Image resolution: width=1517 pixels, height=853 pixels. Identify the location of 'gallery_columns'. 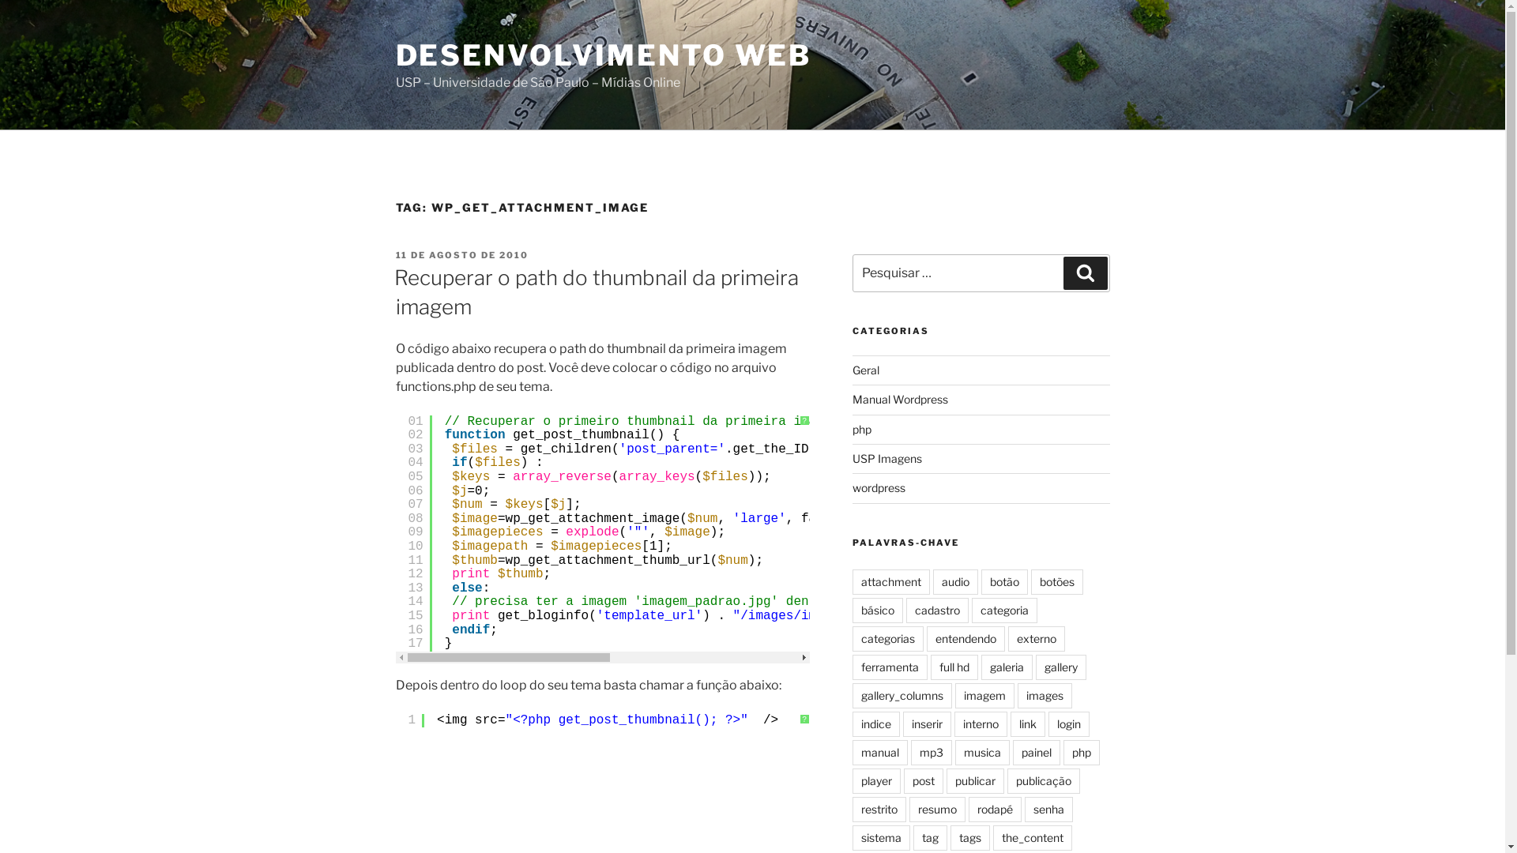
(902, 694).